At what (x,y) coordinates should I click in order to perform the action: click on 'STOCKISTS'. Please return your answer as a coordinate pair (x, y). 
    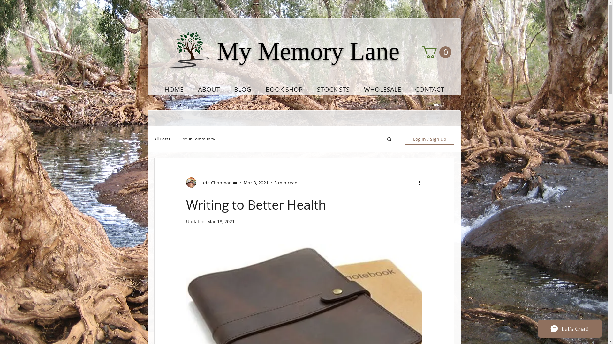
    Looking at the image, I should click on (309, 90).